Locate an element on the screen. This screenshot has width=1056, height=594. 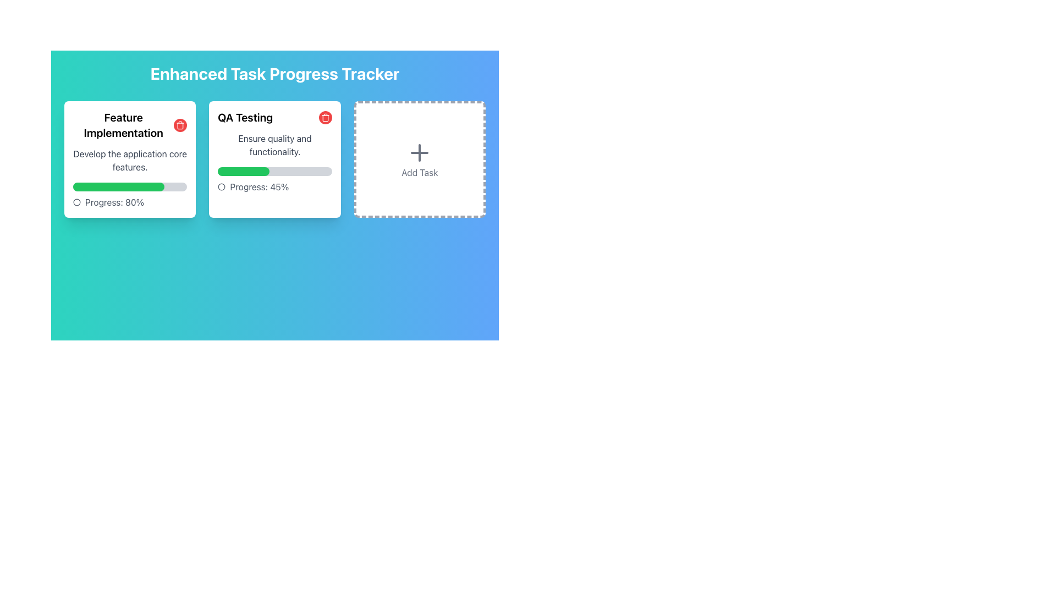
the SVG Circle element located in the 'Feature Implementation' card, positioned near the bottom-left corner below the progress bar is located at coordinates (76, 202).